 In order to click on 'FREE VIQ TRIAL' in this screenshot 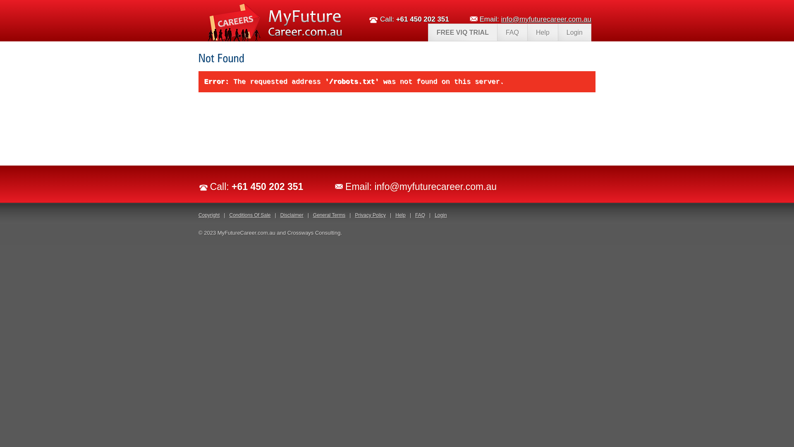, I will do `click(462, 32)`.